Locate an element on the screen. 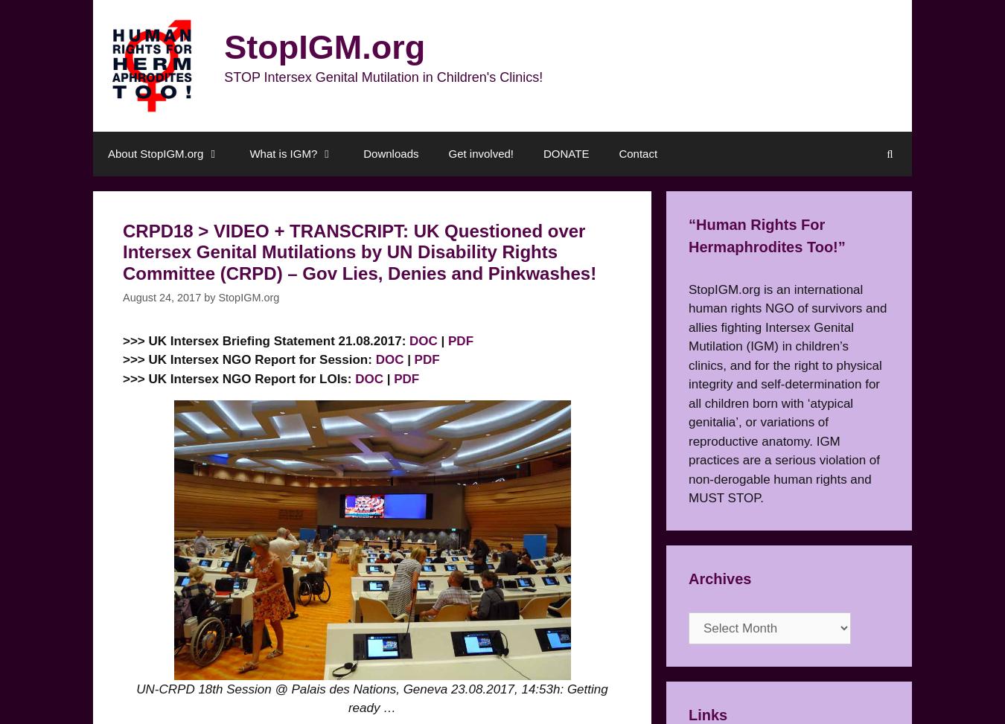  'by' is located at coordinates (203, 297).